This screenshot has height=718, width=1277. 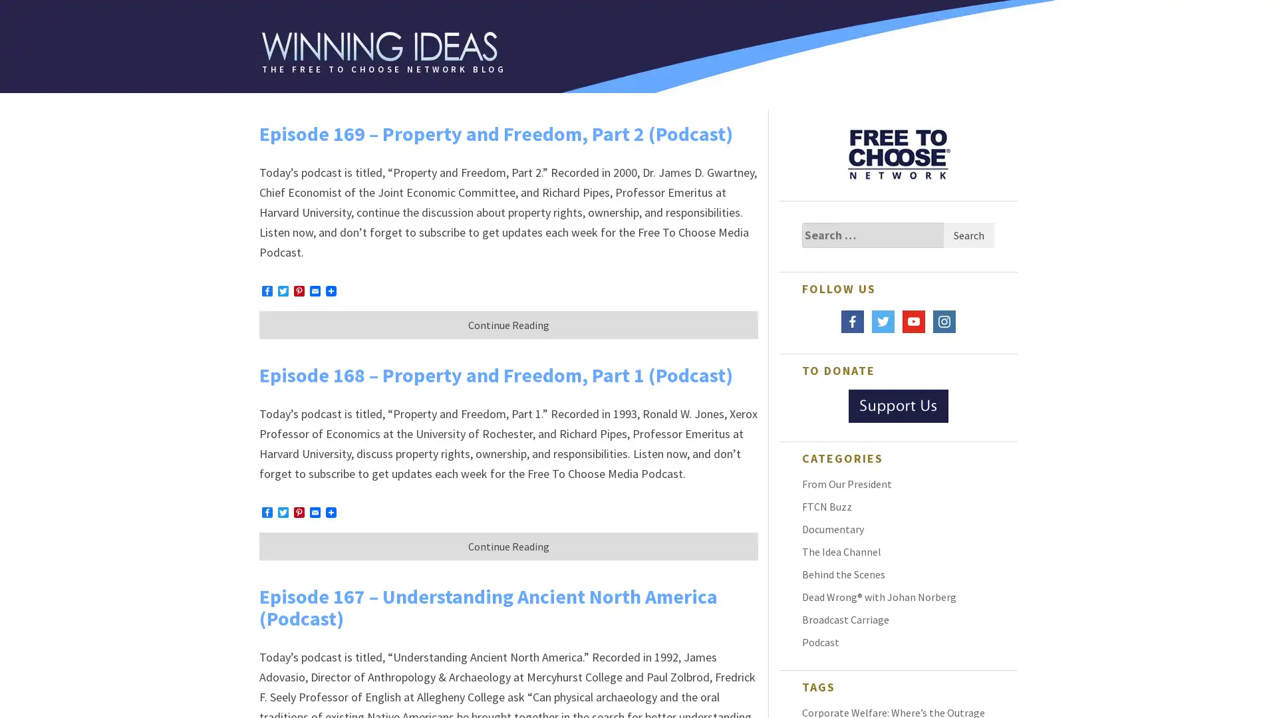 What do you see at coordinates (968, 235) in the screenshot?
I see `Search` at bounding box center [968, 235].